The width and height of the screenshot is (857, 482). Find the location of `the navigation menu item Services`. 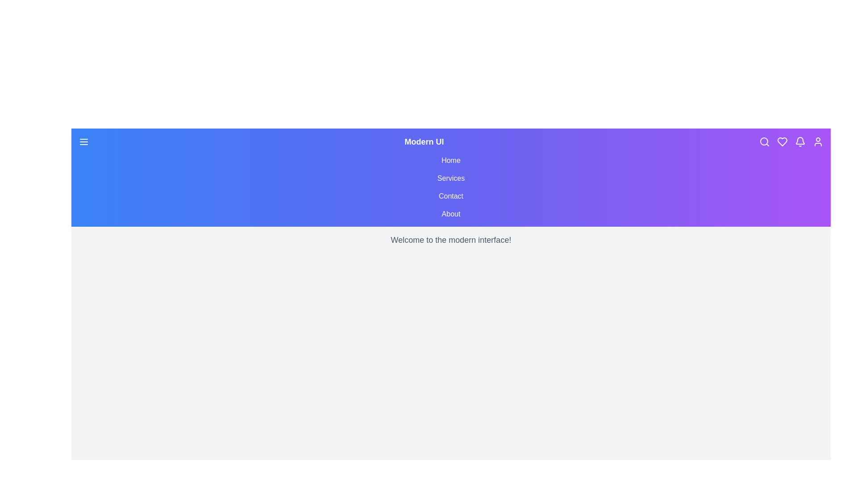

the navigation menu item Services is located at coordinates (451, 179).